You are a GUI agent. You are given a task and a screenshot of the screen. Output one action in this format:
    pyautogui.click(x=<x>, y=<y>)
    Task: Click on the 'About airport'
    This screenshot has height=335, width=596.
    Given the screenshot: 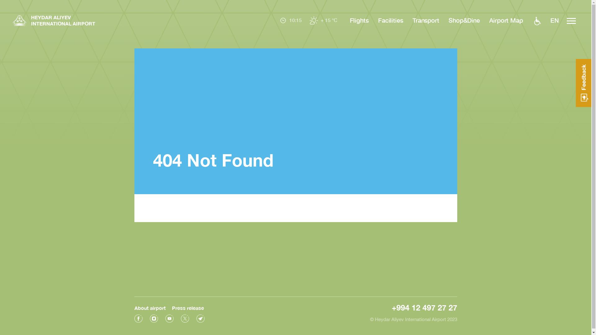 What is the action you would take?
    pyautogui.click(x=150, y=308)
    